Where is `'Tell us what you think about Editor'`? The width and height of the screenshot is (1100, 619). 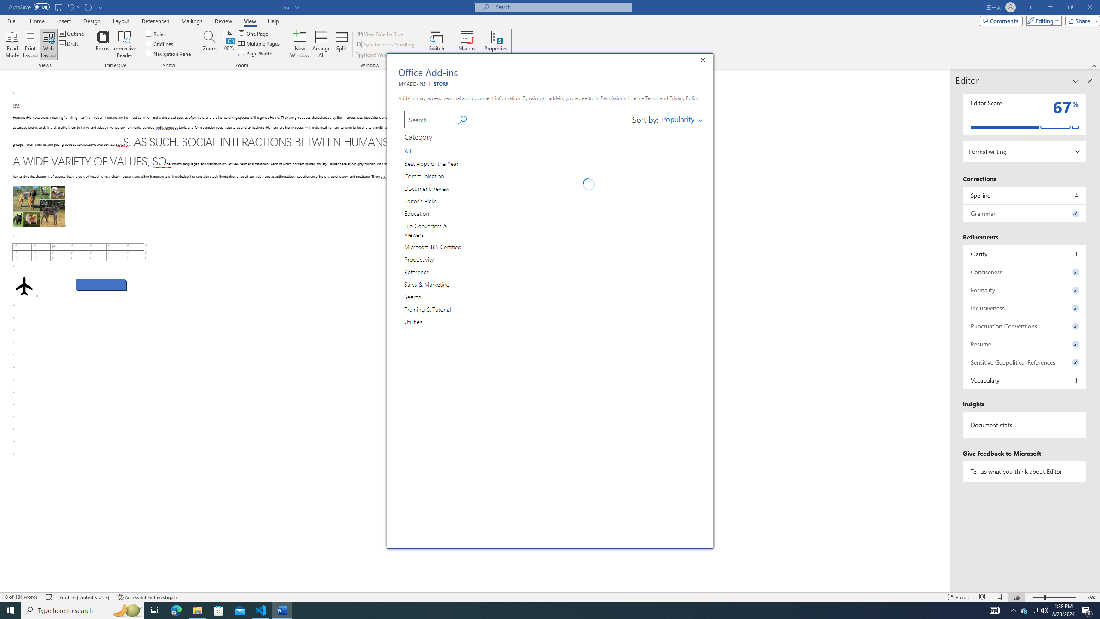 'Tell us what you think about Editor' is located at coordinates (1024, 471).